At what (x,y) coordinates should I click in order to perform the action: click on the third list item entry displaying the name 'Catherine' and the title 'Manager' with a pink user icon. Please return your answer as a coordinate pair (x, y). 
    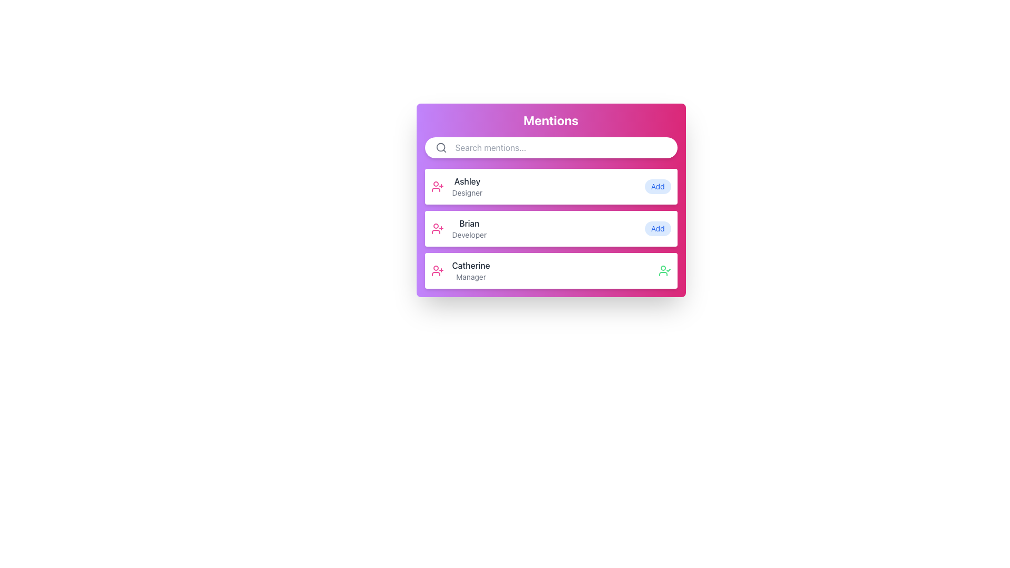
    Looking at the image, I should click on (460, 270).